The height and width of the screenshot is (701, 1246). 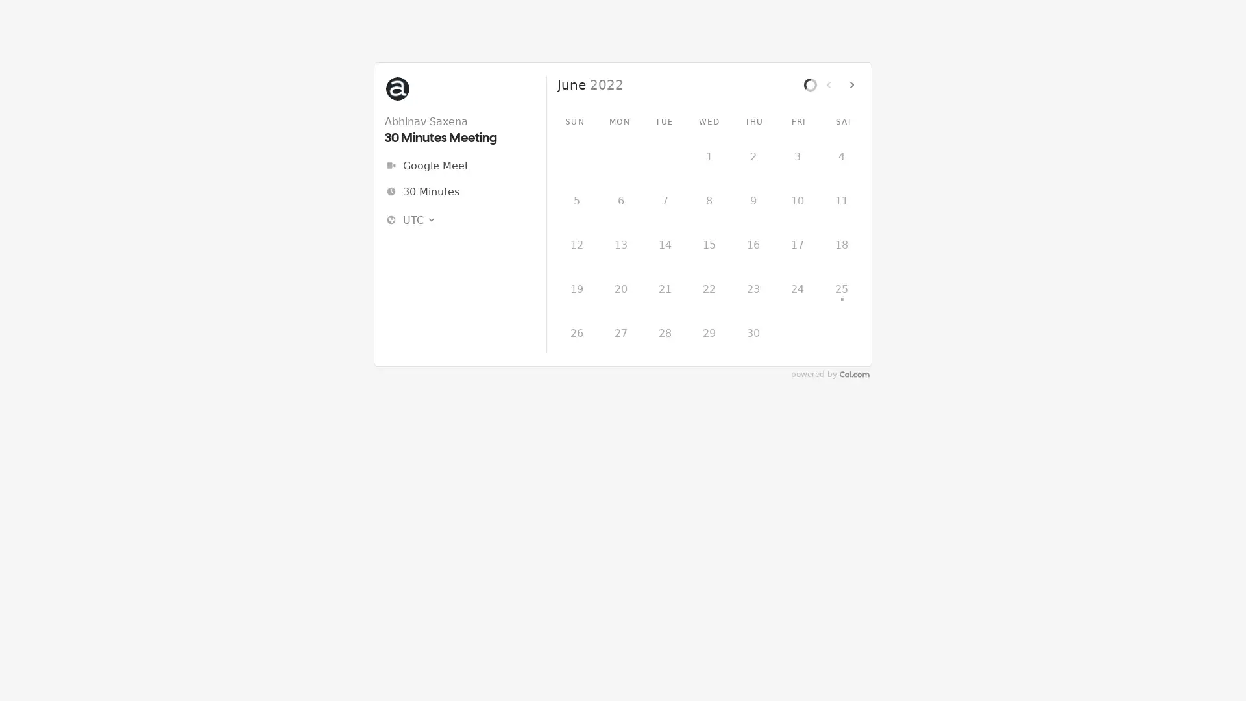 I want to click on 20, so click(x=620, y=288).